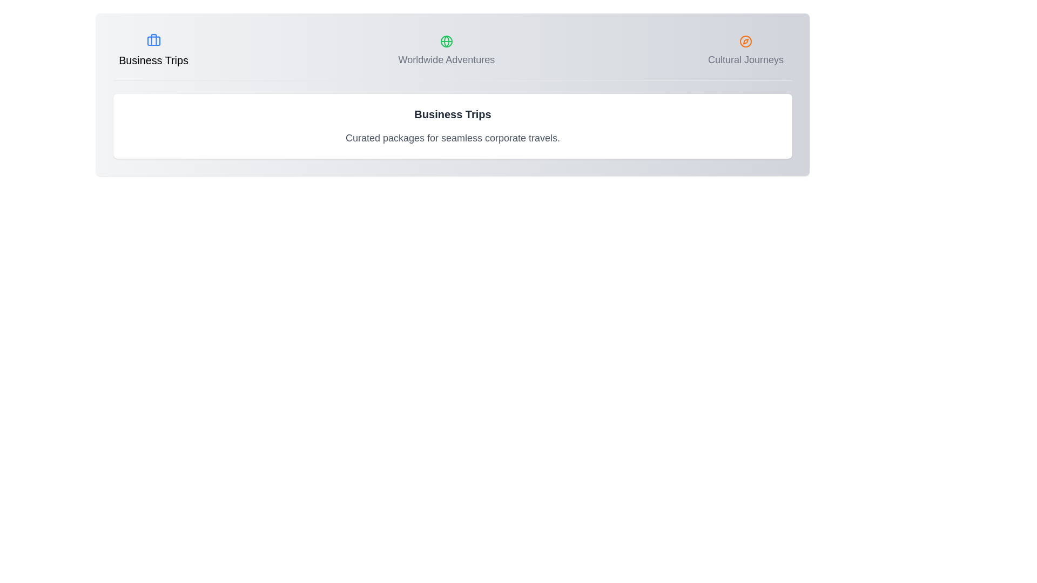 The height and width of the screenshot is (583, 1037). Describe the element at coordinates (446, 51) in the screenshot. I see `the tab labeled Worldwide Adventures` at that location.